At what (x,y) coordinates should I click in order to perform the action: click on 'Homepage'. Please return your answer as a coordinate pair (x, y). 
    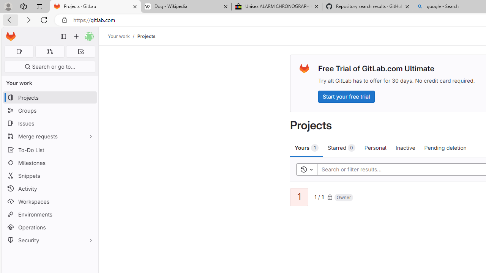
    Looking at the image, I should click on (11, 36).